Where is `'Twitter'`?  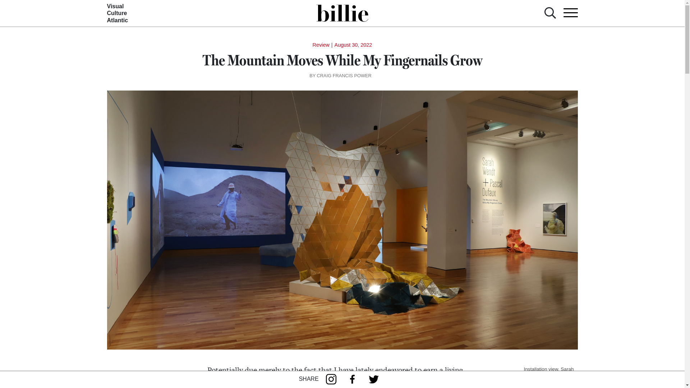 'Twitter' is located at coordinates (375, 379).